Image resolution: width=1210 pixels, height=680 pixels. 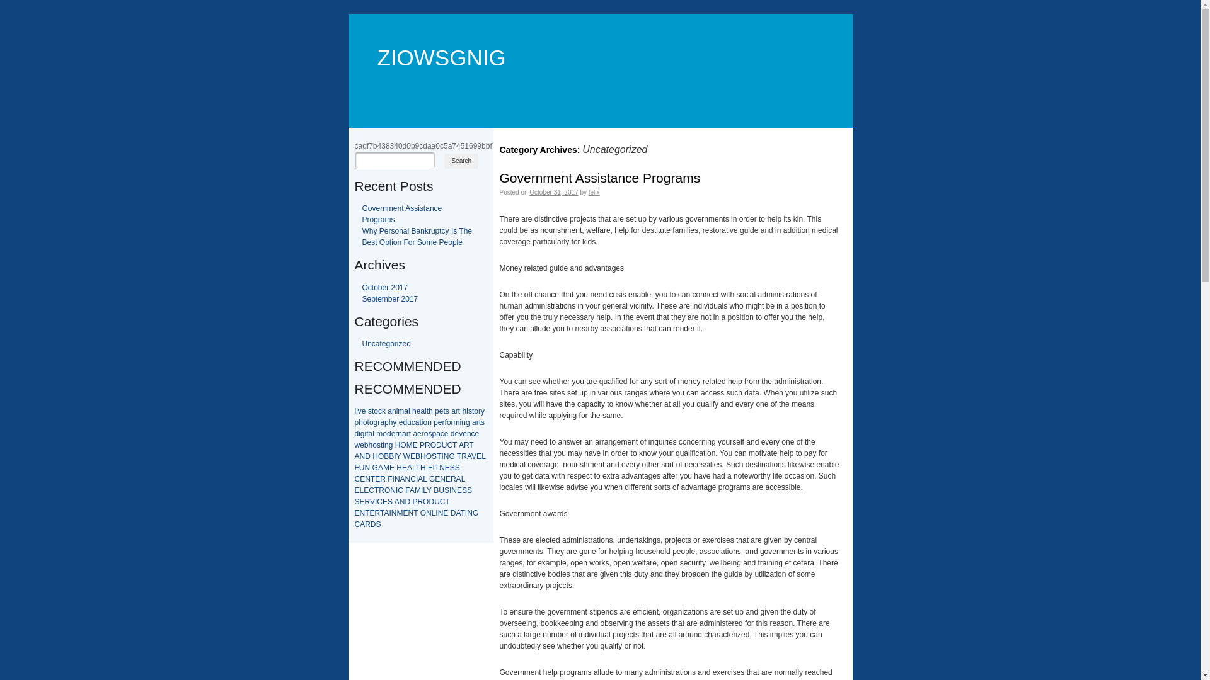 What do you see at coordinates (424, 490) in the screenshot?
I see `'L'` at bounding box center [424, 490].